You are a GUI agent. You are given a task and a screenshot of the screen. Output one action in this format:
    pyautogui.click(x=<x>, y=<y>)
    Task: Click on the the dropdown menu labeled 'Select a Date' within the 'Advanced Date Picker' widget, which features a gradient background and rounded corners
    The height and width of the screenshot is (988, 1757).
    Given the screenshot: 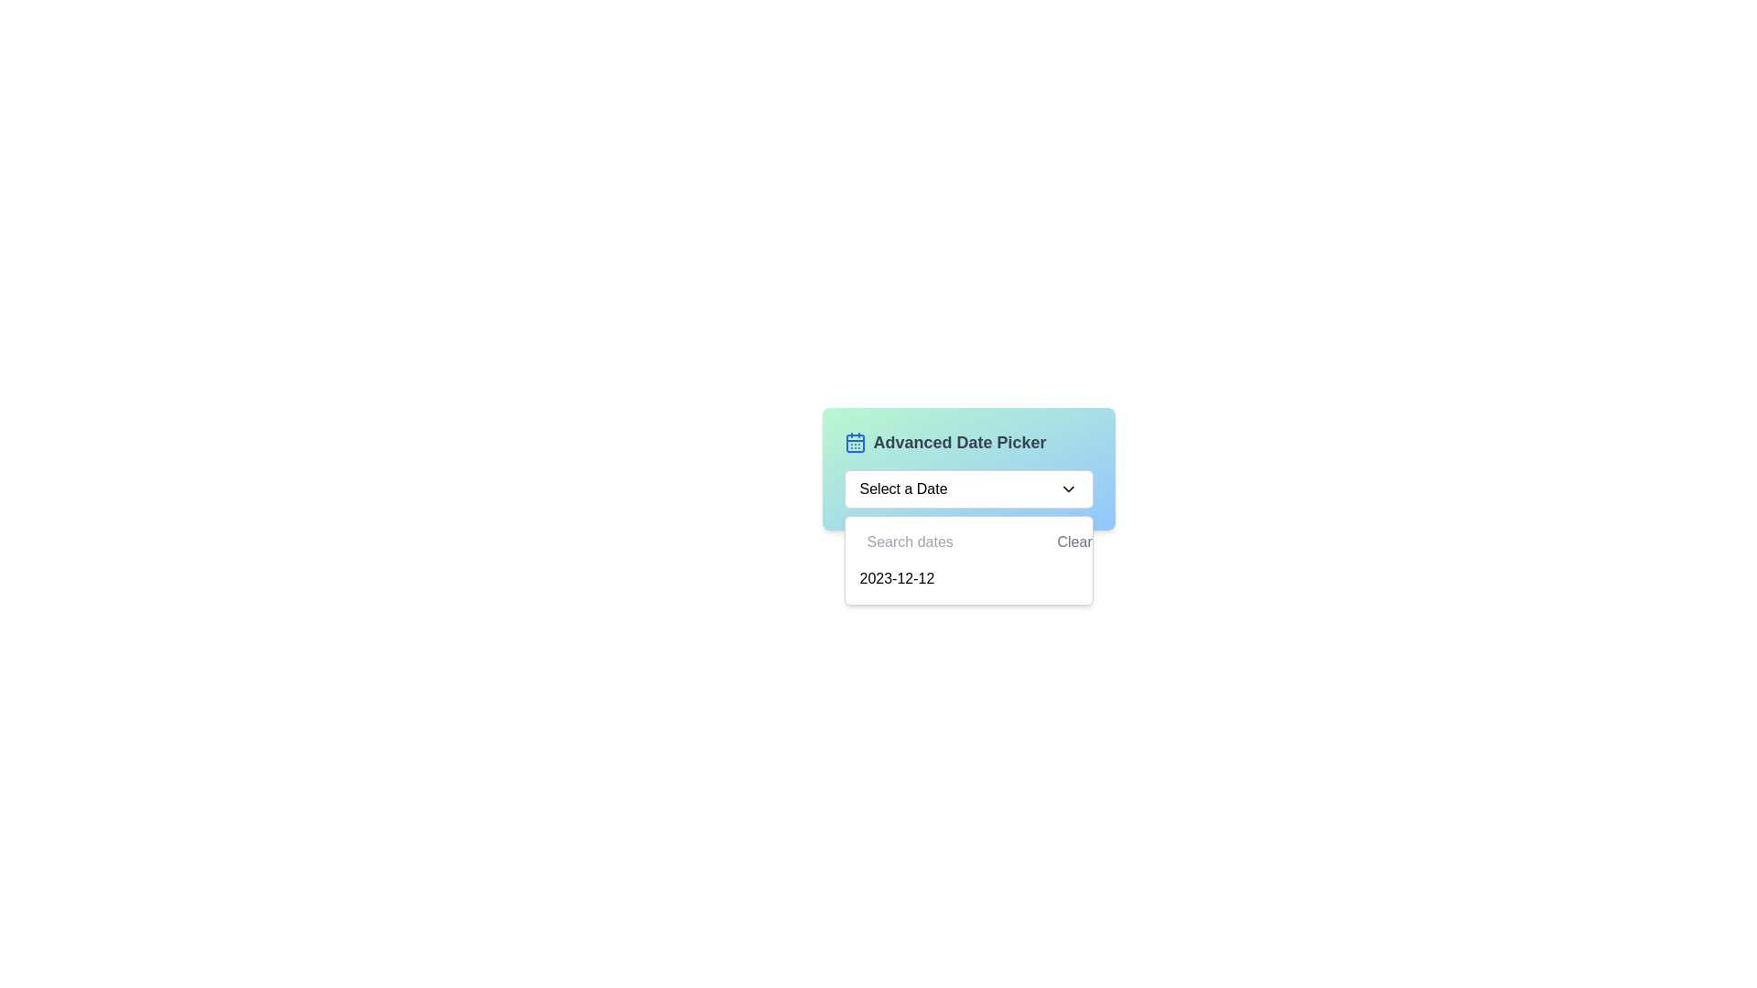 What is the action you would take?
    pyautogui.click(x=967, y=468)
    